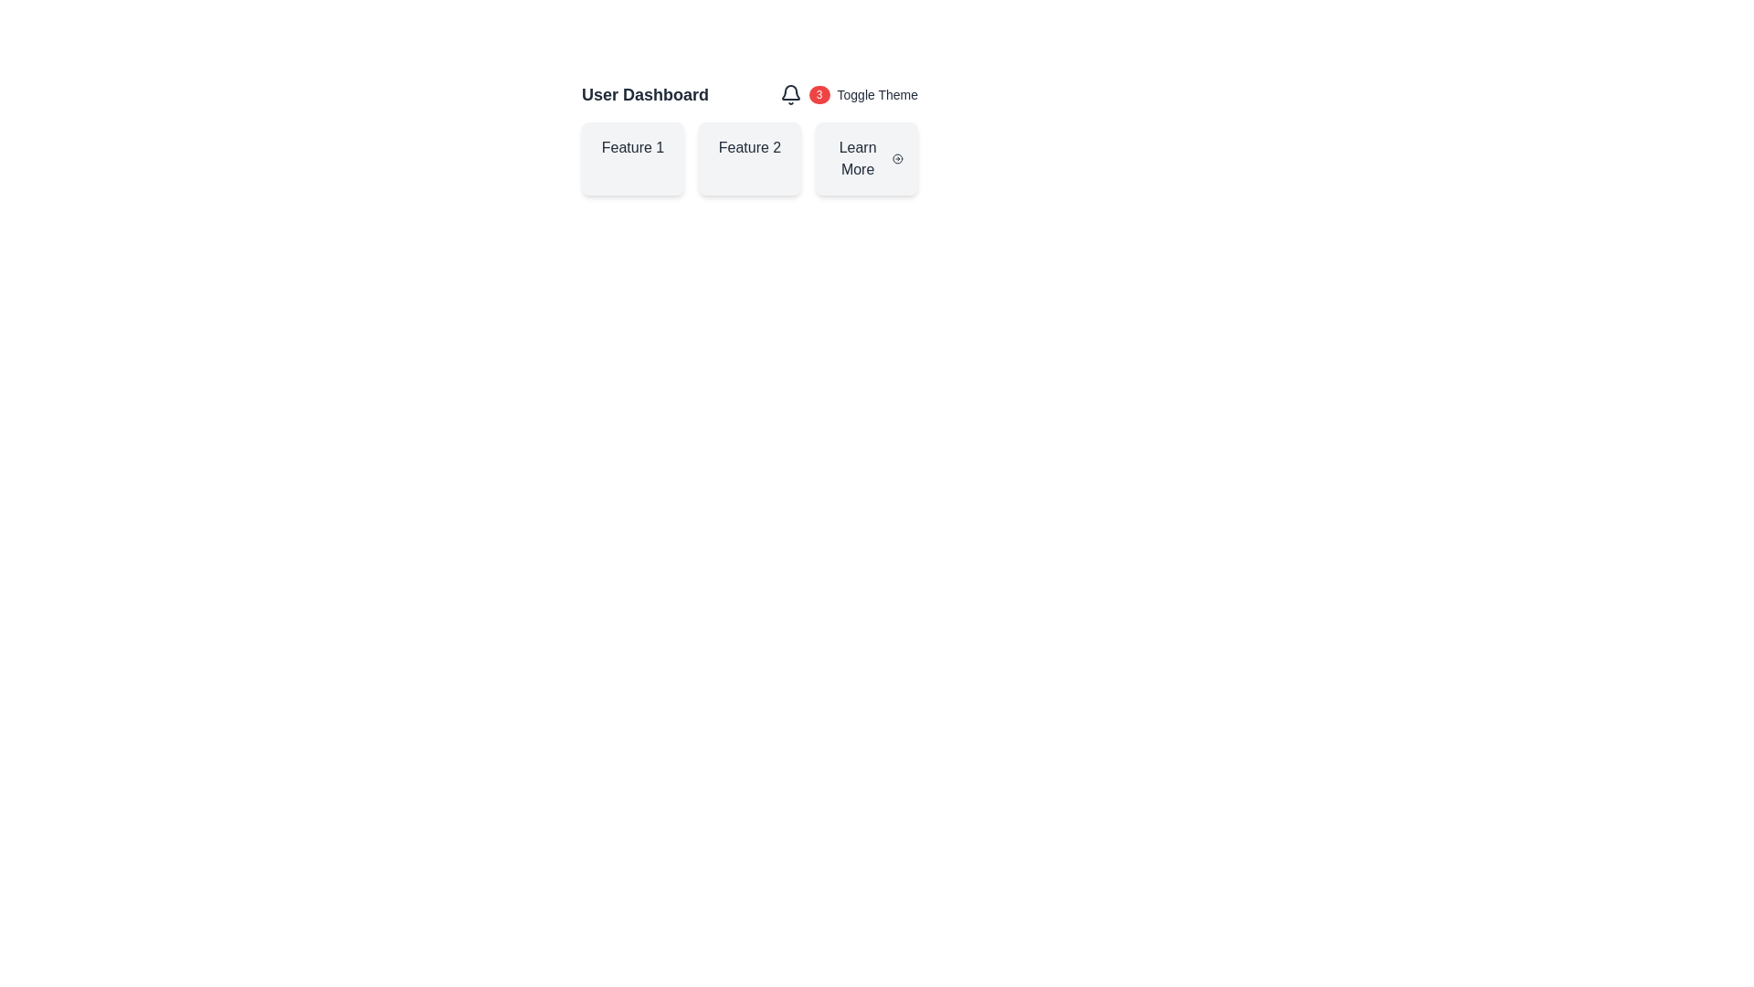  Describe the element at coordinates (749, 157) in the screenshot. I see `the second card in the group of three cards` at that location.